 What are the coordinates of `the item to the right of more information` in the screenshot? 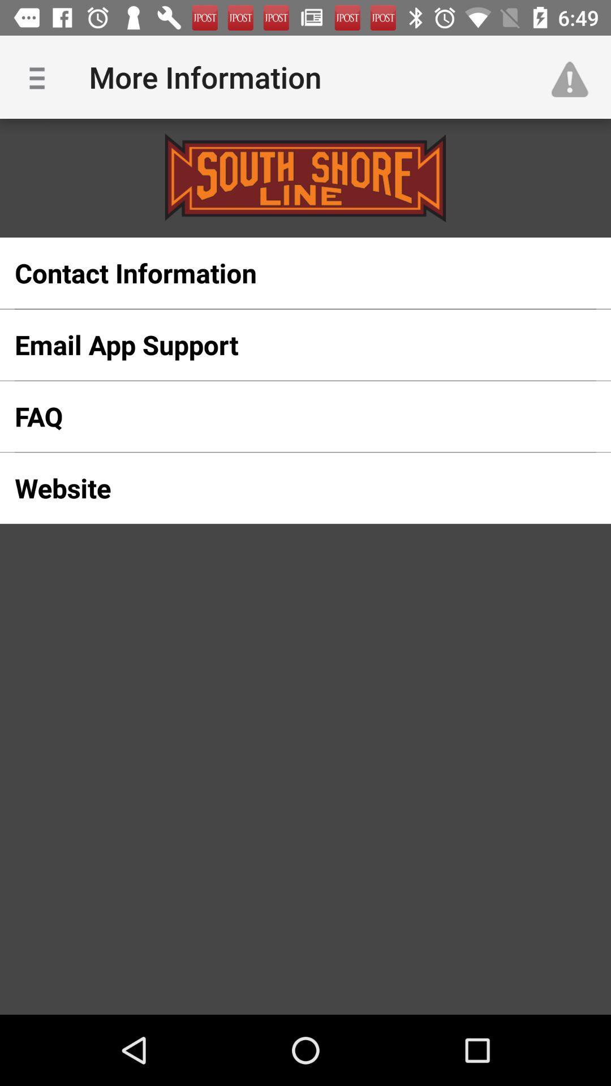 It's located at (575, 76).